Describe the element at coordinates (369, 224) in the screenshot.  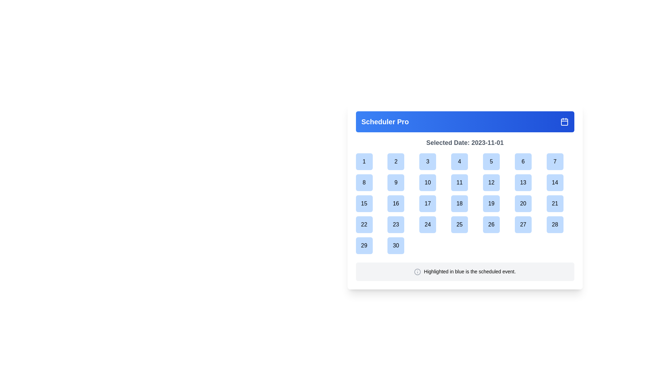
I see `the square-shaped light blue button labeled '22' in the calendar grid` at that location.